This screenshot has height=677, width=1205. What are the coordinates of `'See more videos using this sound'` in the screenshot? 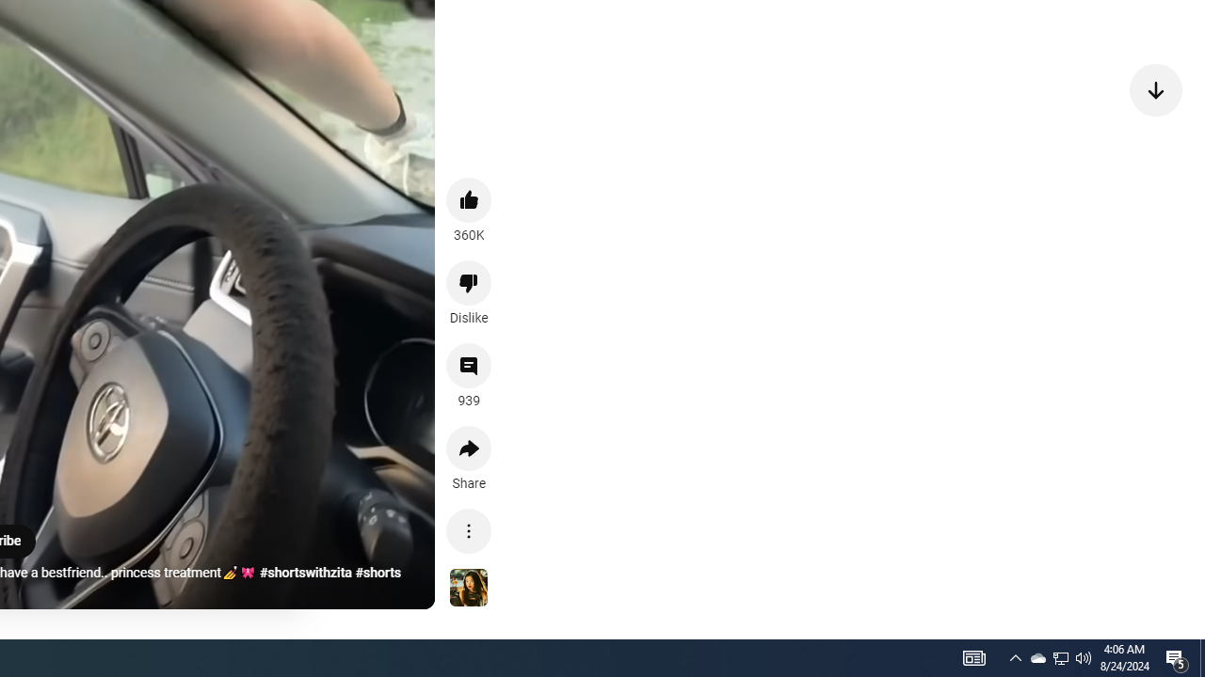 It's located at (468, 588).